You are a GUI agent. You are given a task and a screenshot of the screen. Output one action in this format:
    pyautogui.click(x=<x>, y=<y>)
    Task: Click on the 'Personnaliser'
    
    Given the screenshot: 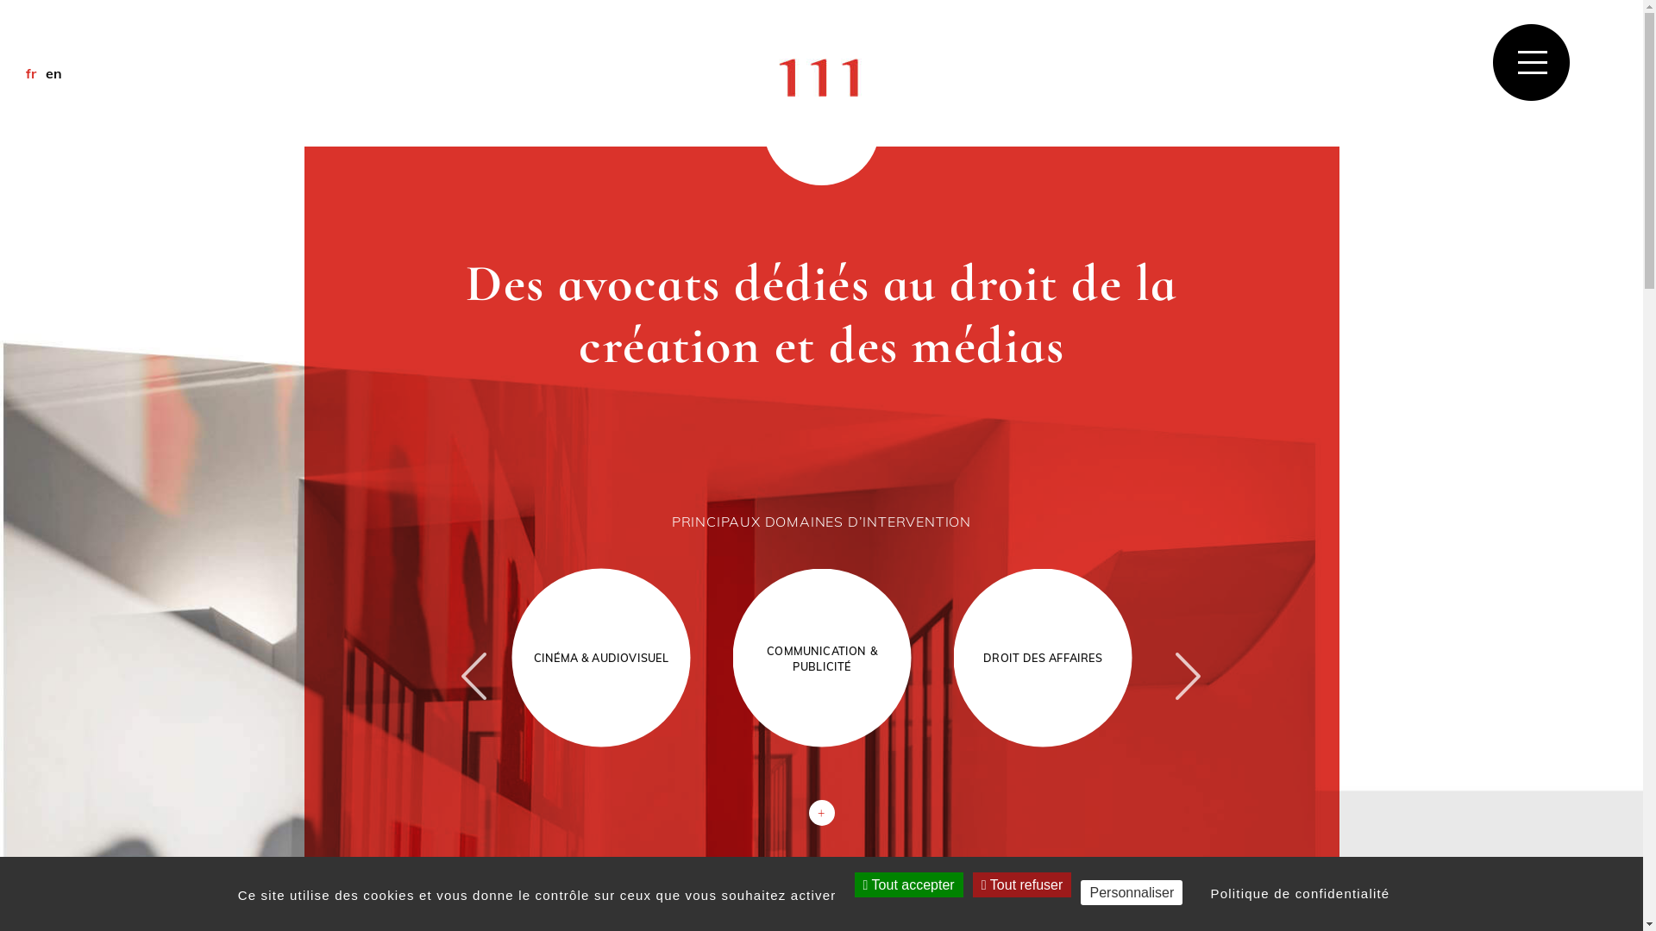 What is the action you would take?
    pyautogui.click(x=1131, y=892)
    